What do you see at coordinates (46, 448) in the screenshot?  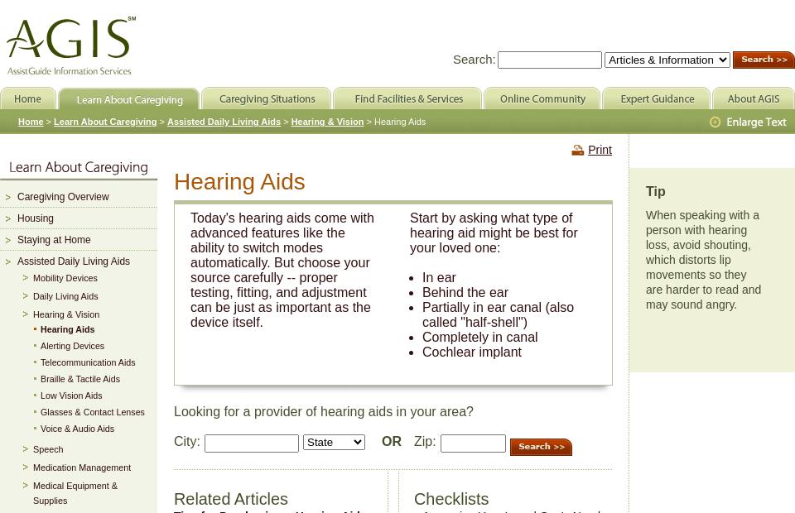 I see `'Speech'` at bounding box center [46, 448].